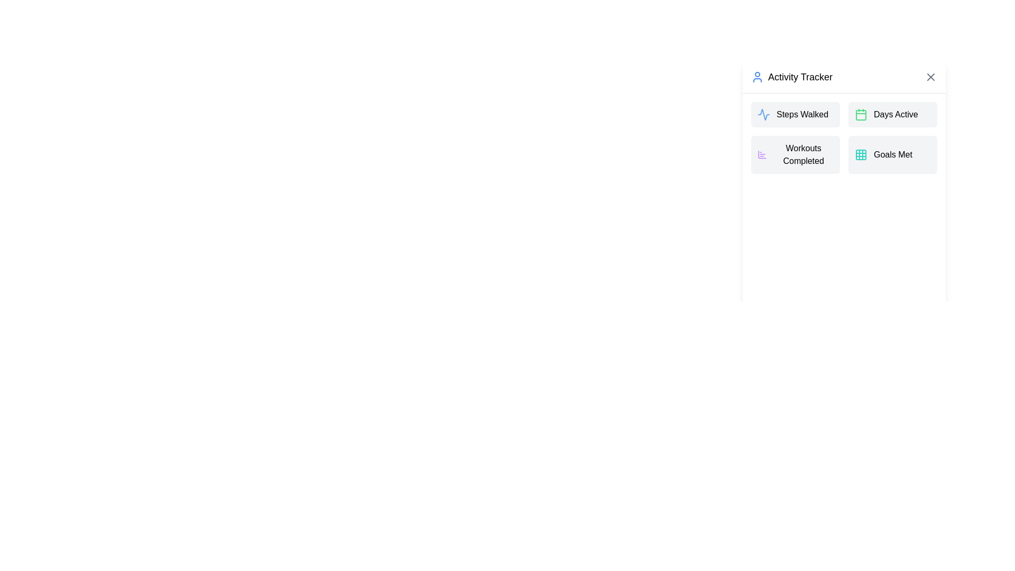  Describe the element at coordinates (892, 155) in the screenshot. I see `the 'Goals Met' informational block located in the bottom-right corner of the grid within the 'Activity Tracker' section` at that location.